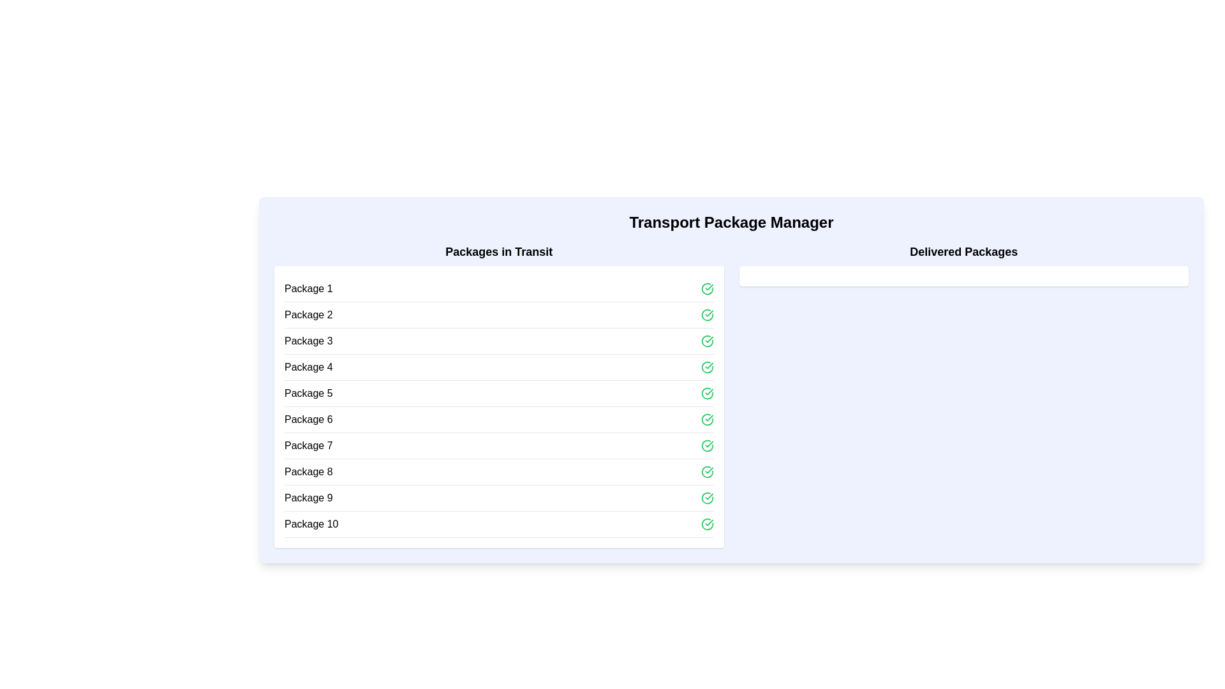  I want to click on the icon indicating the completion status of 'Package 10' in the 'Packages in Transit' section, located in the bottom-right corner of the row, so click(706, 524).